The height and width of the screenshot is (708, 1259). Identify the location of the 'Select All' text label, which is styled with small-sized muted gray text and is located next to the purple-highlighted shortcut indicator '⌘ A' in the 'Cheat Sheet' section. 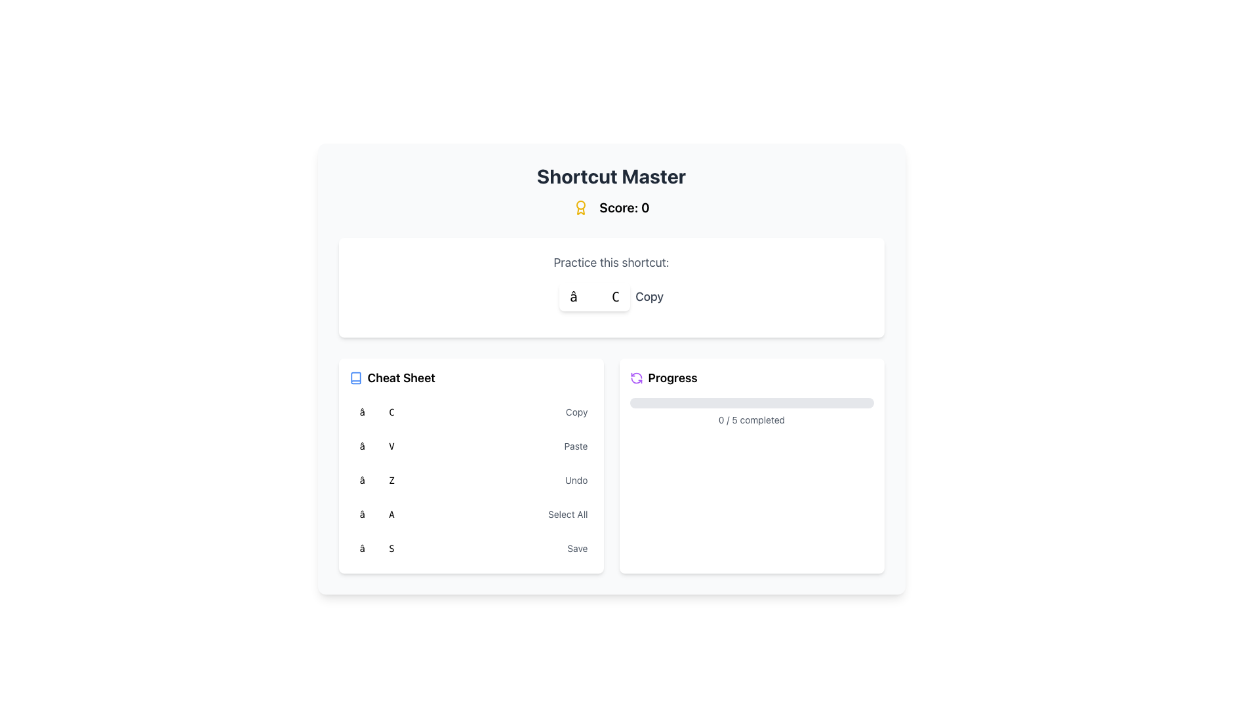
(568, 514).